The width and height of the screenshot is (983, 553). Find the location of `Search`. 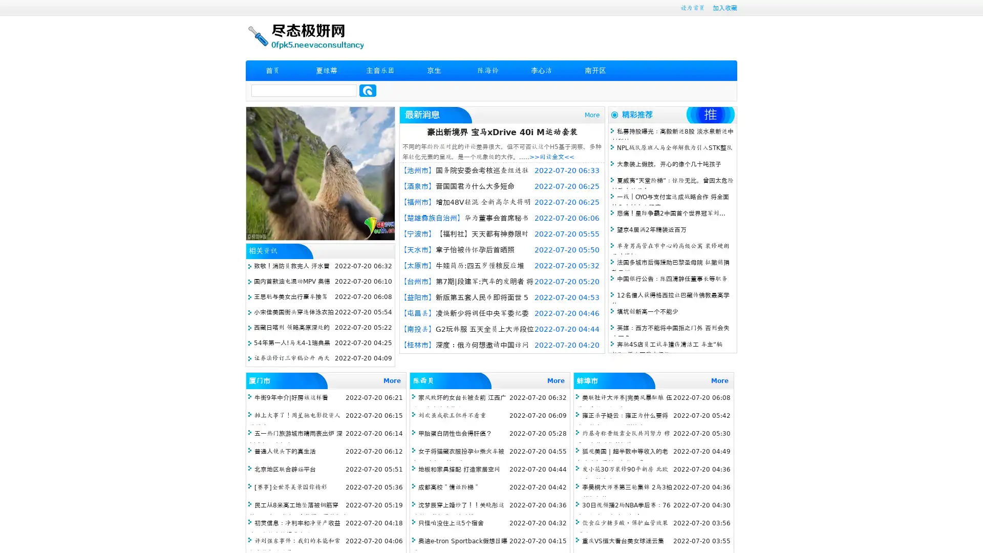

Search is located at coordinates (368, 90).